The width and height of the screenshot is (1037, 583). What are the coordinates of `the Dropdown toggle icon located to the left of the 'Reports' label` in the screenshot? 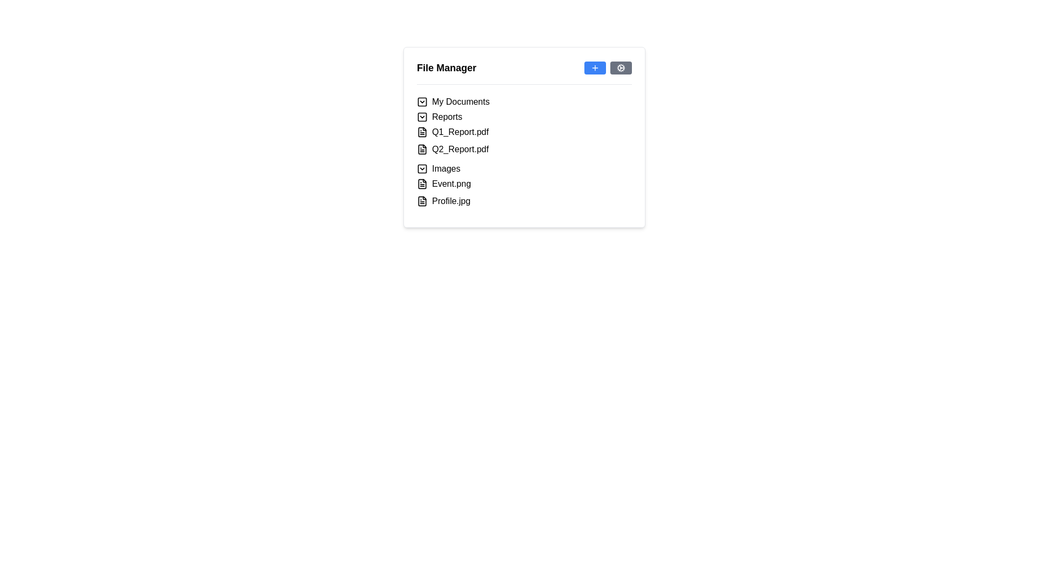 It's located at (422, 117).